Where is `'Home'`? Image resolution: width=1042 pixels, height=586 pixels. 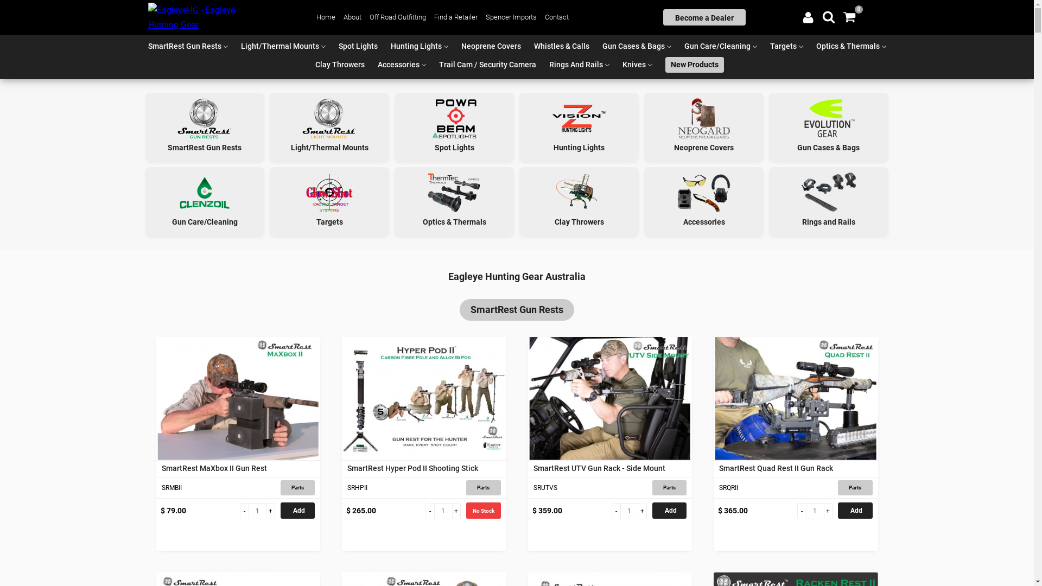 'Home' is located at coordinates (315, 17).